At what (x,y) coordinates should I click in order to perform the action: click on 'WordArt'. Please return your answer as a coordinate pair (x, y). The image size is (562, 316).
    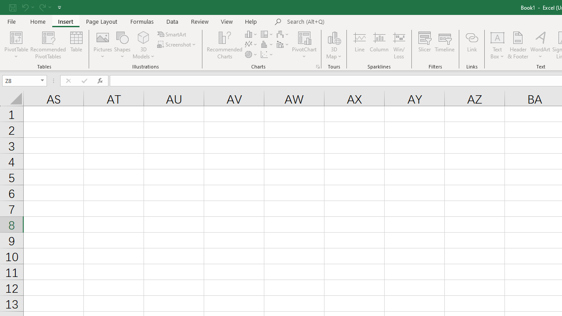
    Looking at the image, I should click on (540, 45).